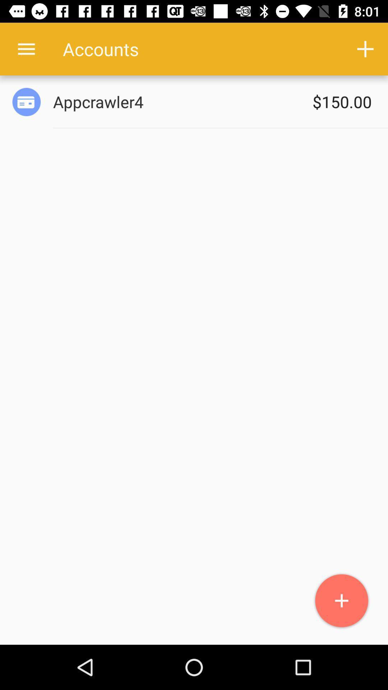 The height and width of the screenshot is (690, 388). I want to click on the add icon, so click(341, 601).